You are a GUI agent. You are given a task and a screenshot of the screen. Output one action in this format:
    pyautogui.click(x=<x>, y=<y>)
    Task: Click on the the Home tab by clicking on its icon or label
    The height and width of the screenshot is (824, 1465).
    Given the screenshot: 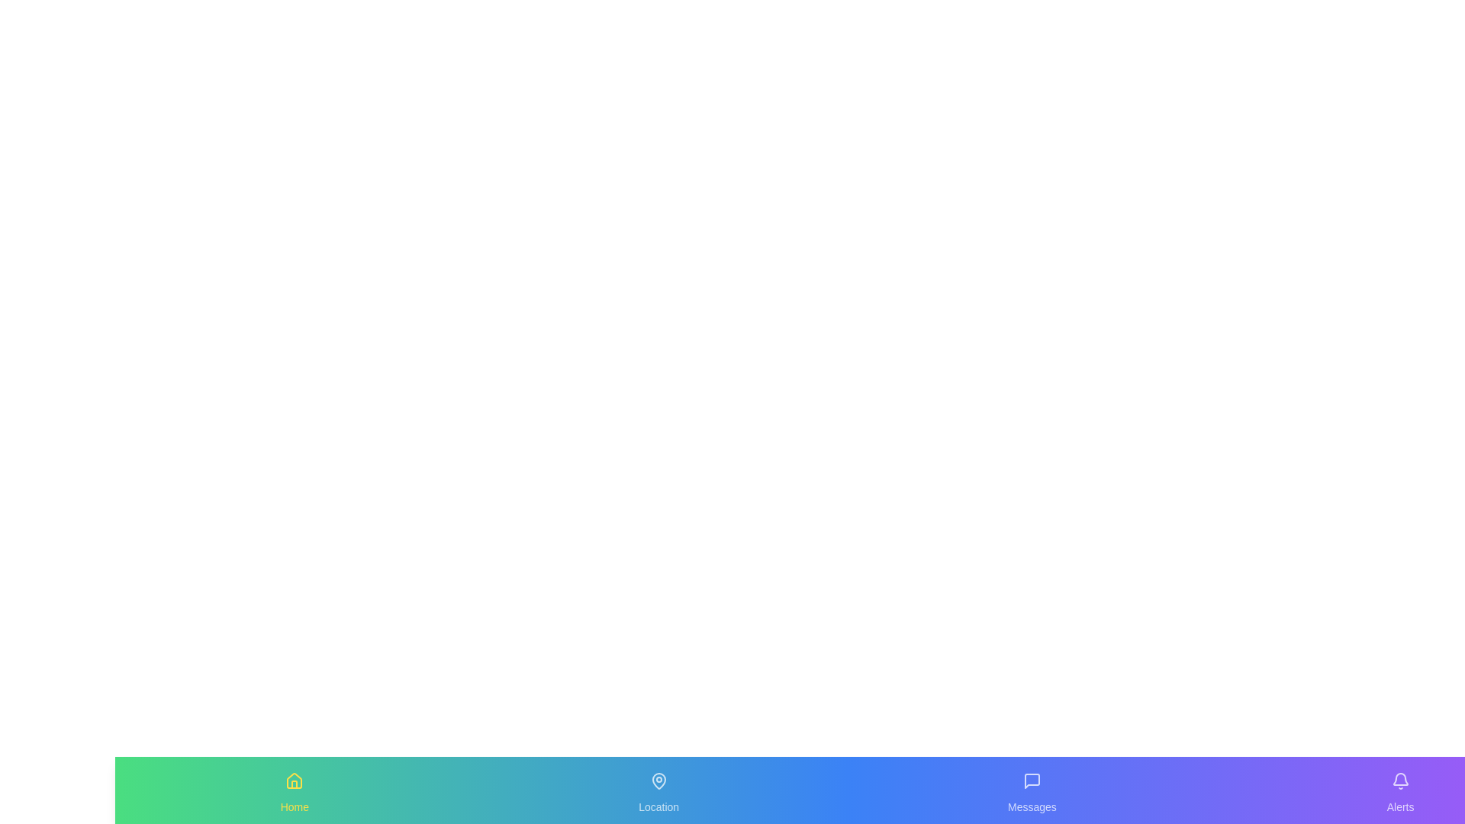 What is the action you would take?
    pyautogui.click(x=294, y=790)
    